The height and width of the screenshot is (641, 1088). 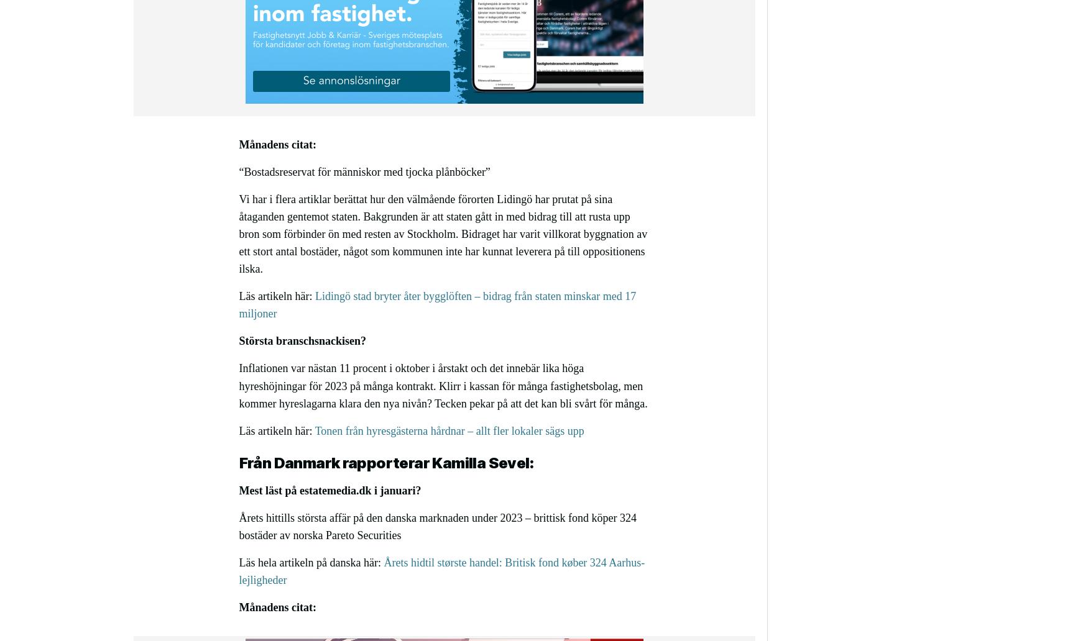 What do you see at coordinates (237, 341) in the screenshot?
I see `'Största branschsnackisen?'` at bounding box center [237, 341].